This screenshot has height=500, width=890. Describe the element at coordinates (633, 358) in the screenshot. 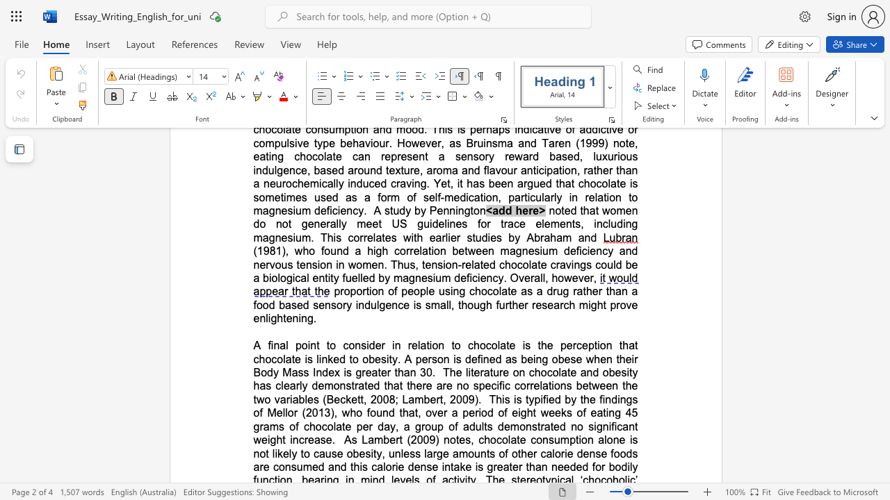

I see `the subset text "r Body Mass Index" within the text "that chocolate is linked to obesity. A person is defined as being obese when their Body Mass Index is greater than 30"` at that location.